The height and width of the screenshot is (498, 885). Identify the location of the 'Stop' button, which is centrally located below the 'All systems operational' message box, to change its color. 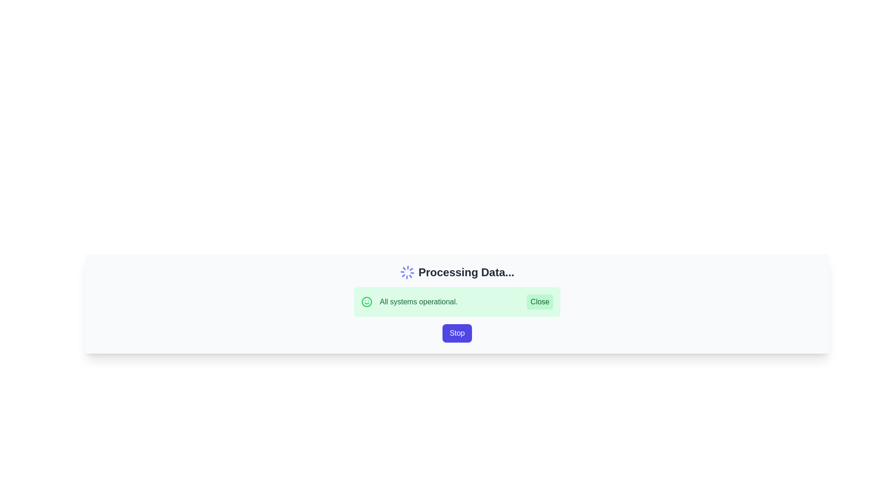
(457, 333).